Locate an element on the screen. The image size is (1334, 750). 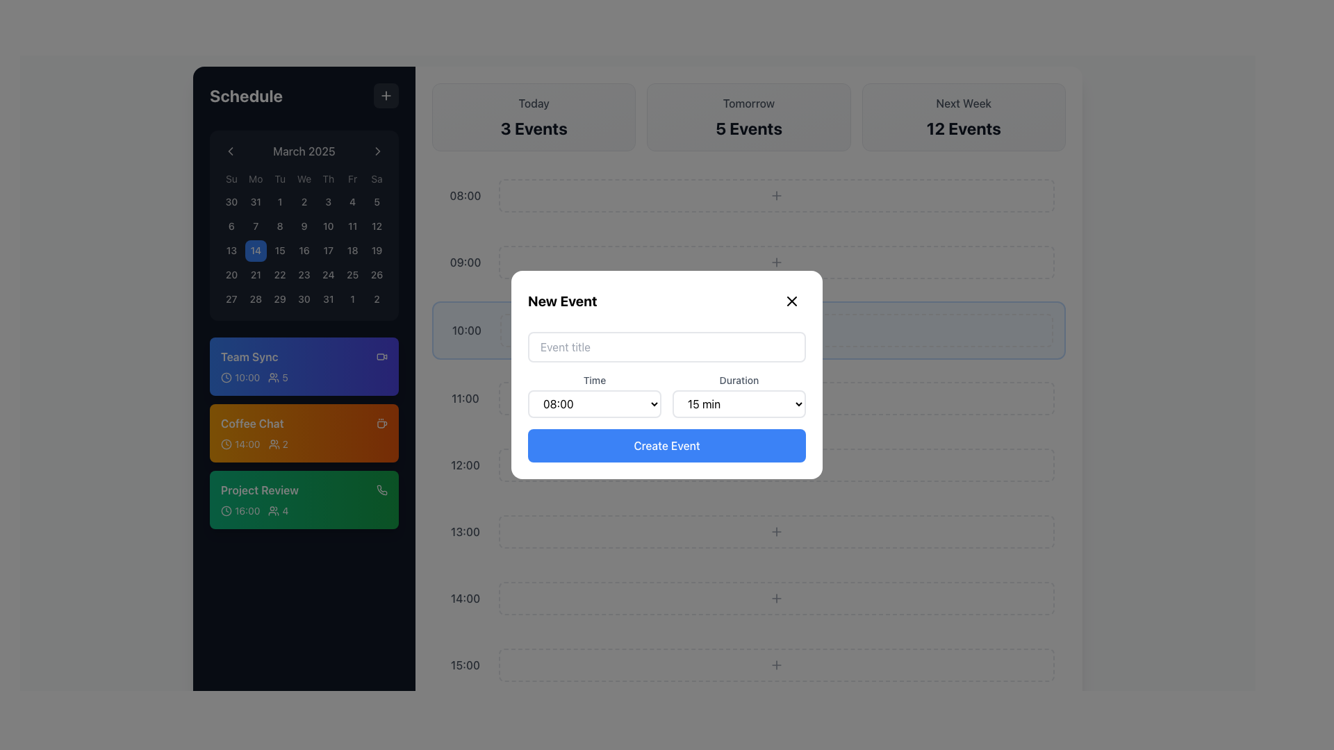
the 'Duration' text label, which is a small, bold, gray label located above a dropdown menu in the 'New Event' dialog box is located at coordinates (739, 380).